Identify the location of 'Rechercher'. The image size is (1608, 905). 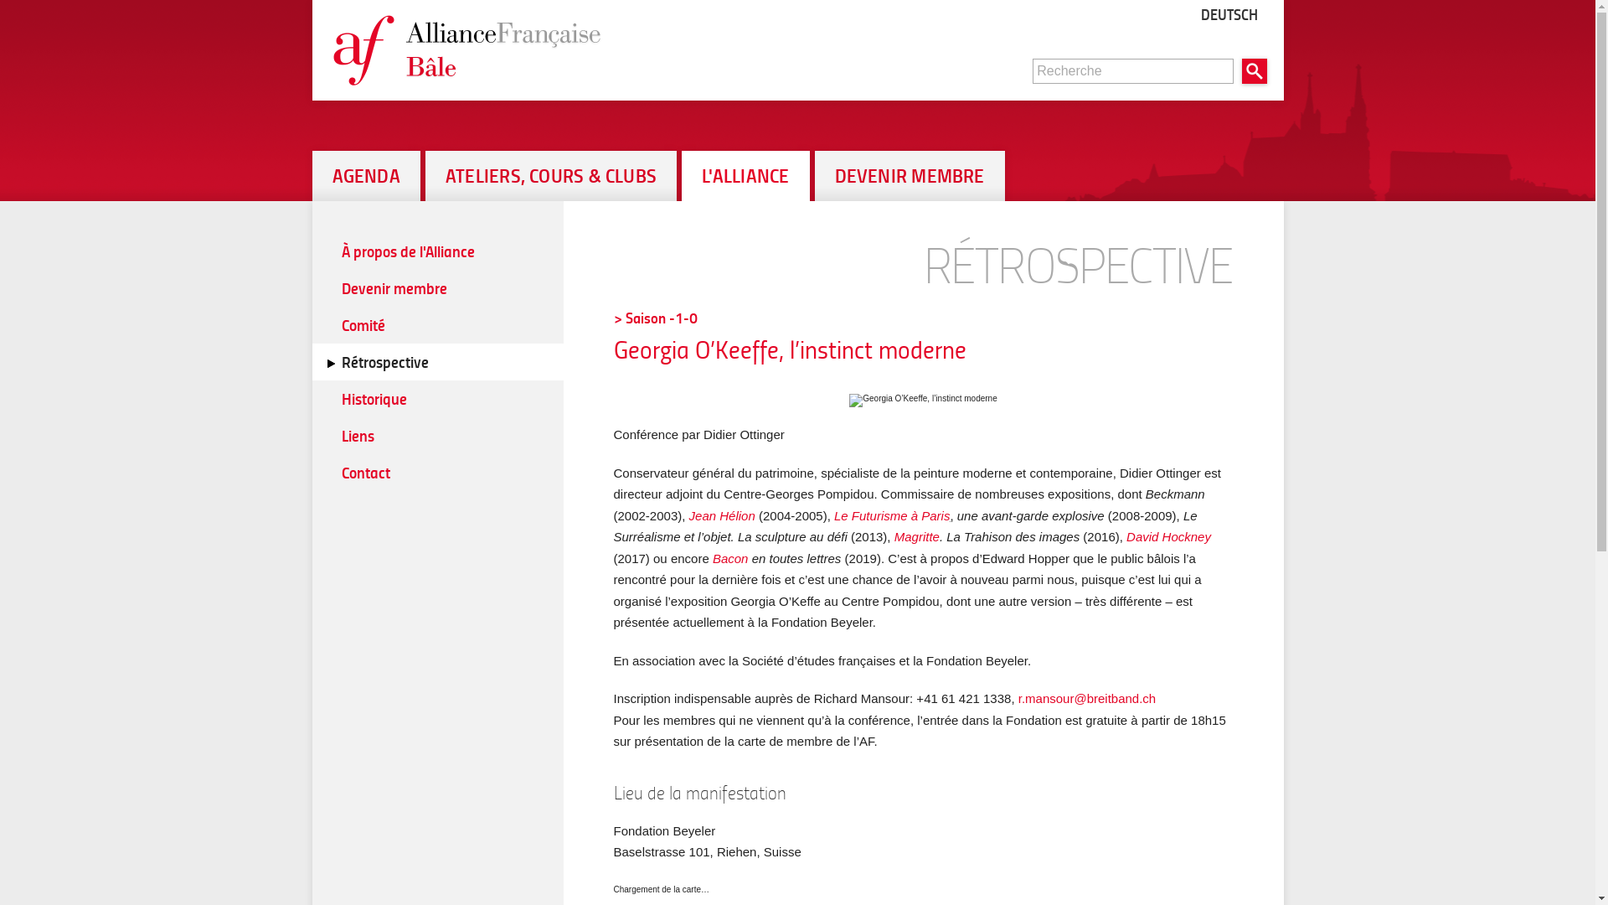
(1241, 70).